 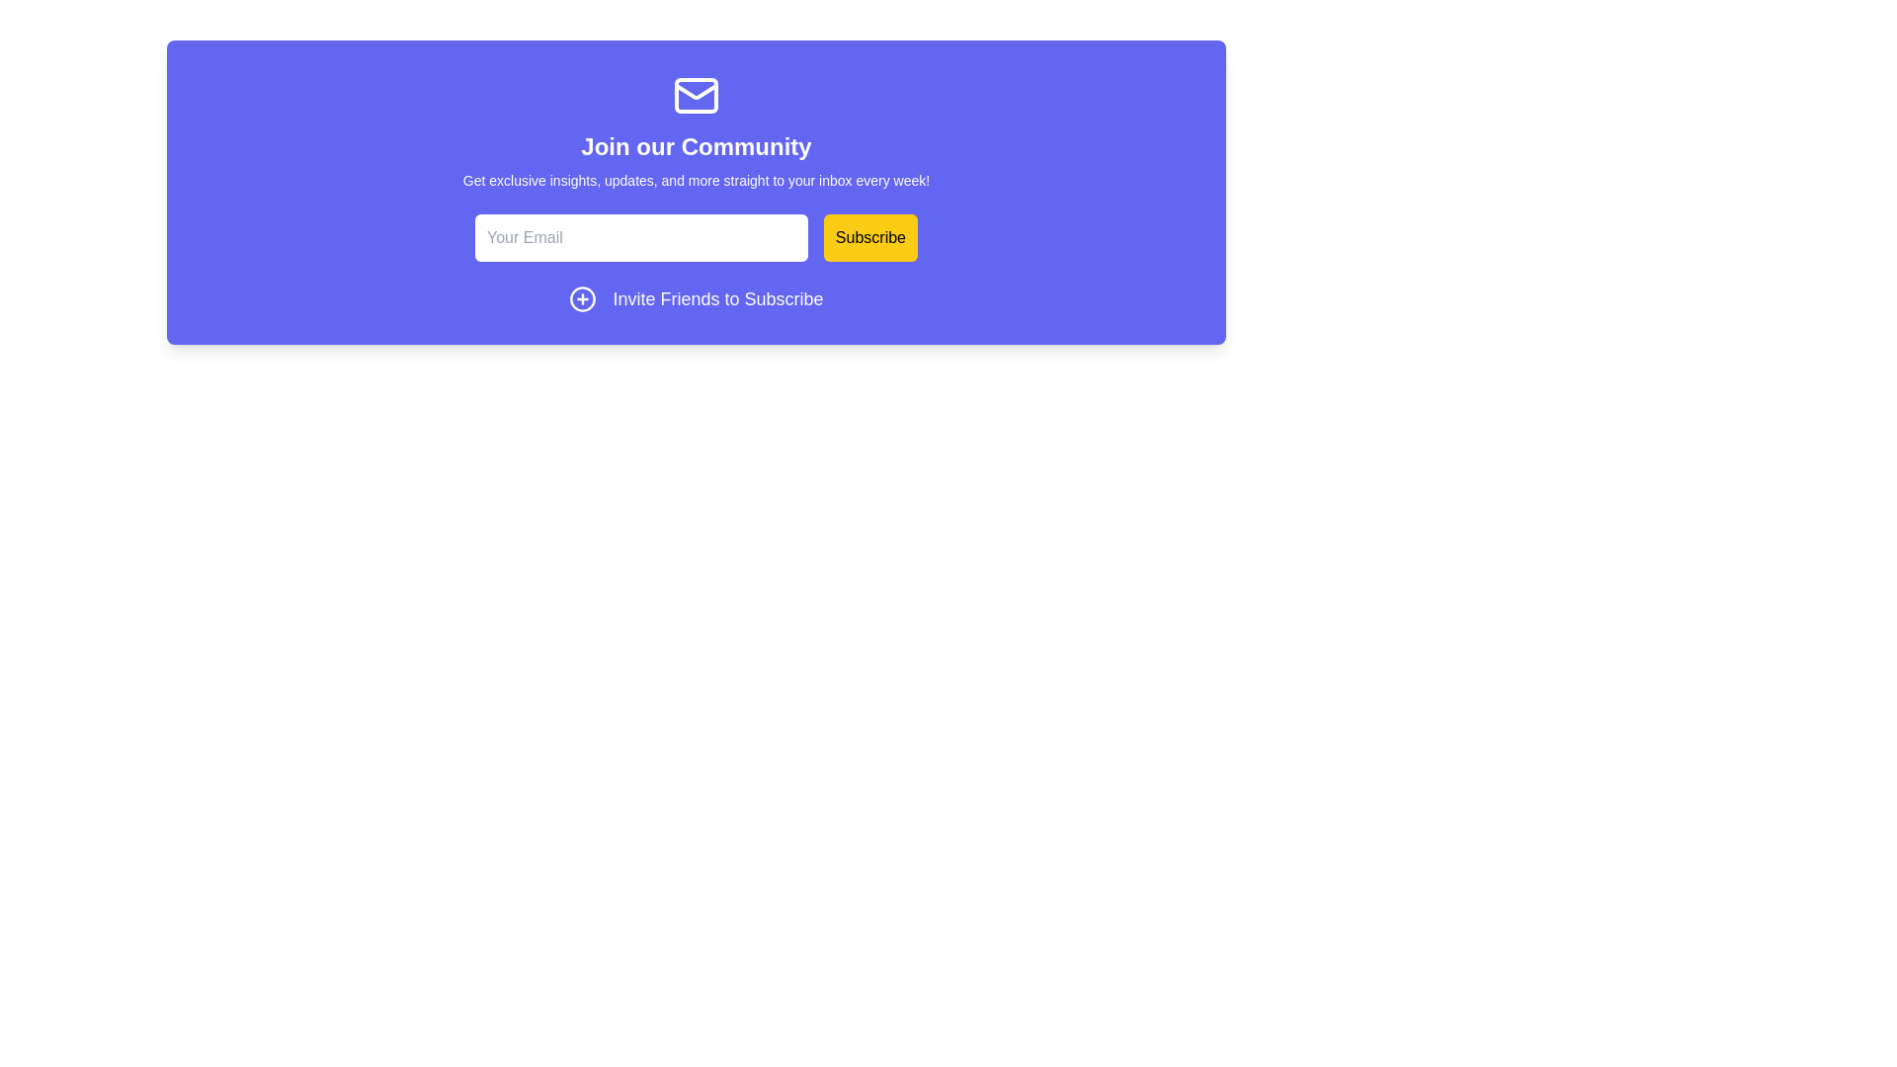 What do you see at coordinates (697, 95) in the screenshot?
I see `the SVG graphical element that resembles an envelope with a purple background and a white triangular area, located above the text 'Join our Community'` at bounding box center [697, 95].